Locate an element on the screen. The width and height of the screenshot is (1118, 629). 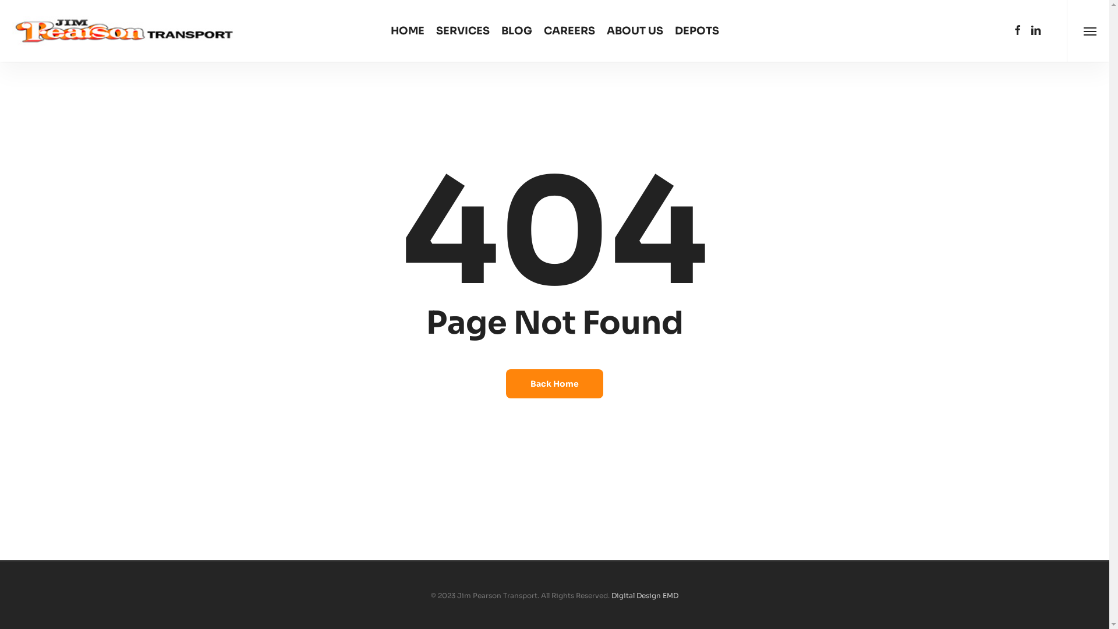
'Digital Design EMD' is located at coordinates (644, 595).